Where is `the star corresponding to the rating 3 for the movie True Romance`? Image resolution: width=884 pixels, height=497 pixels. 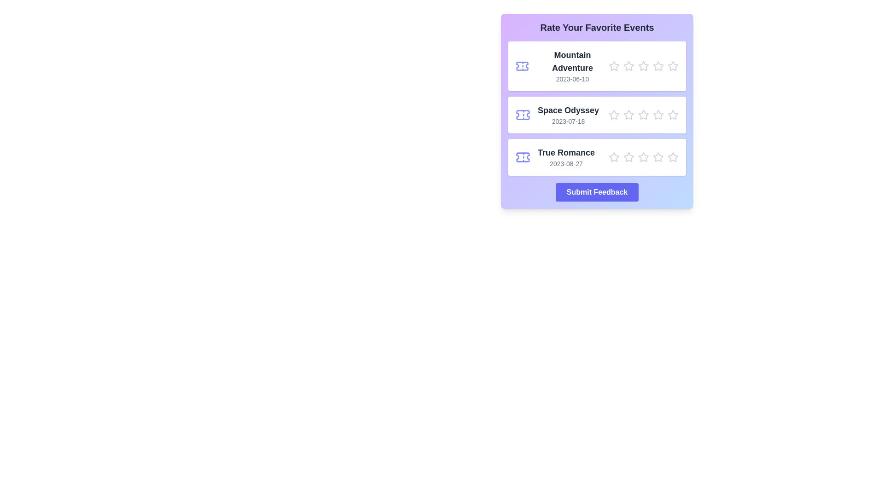
the star corresponding to the rating 3 for the movie True Romance is located at coordinates (643, 157).